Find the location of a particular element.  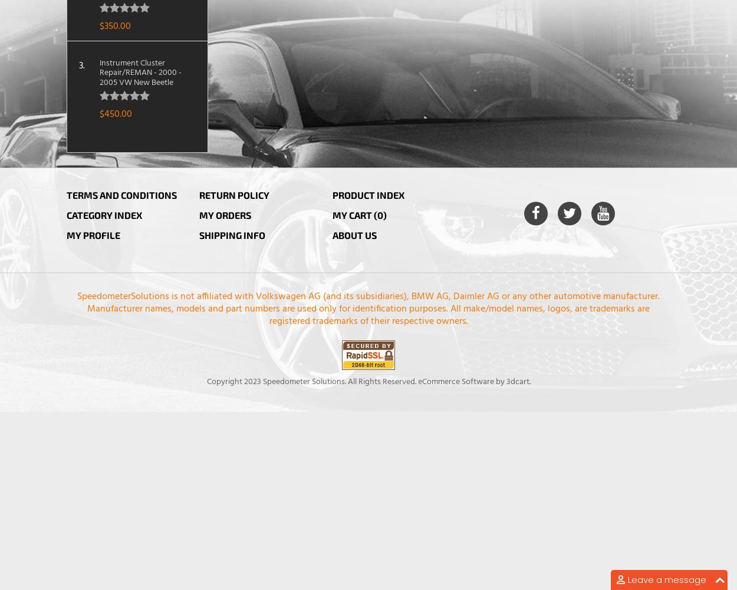

'Product Index' is located at coordinates (367, 194).